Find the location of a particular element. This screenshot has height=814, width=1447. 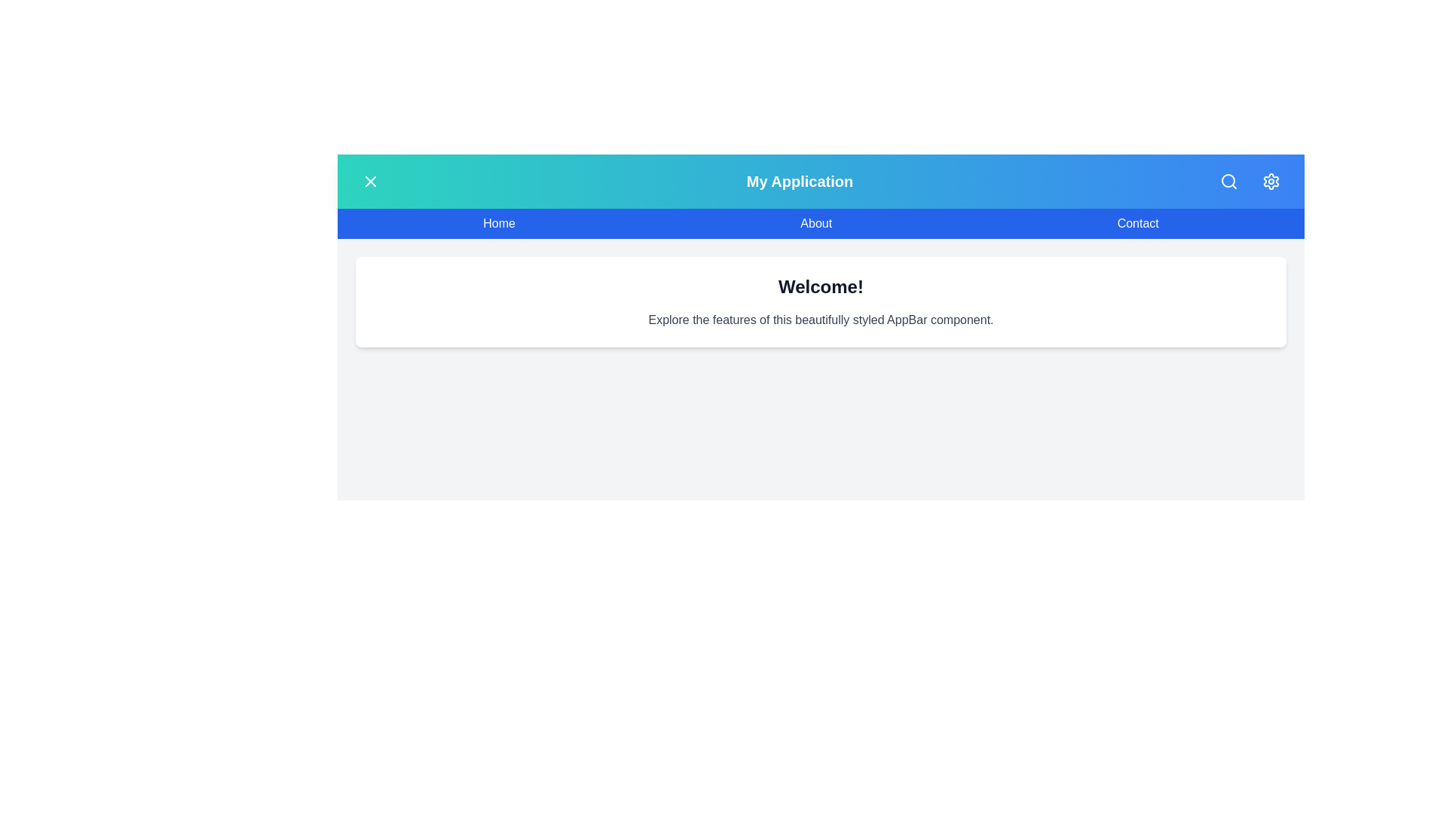

the Contact navigation link is located at coordinates (1138, 224).